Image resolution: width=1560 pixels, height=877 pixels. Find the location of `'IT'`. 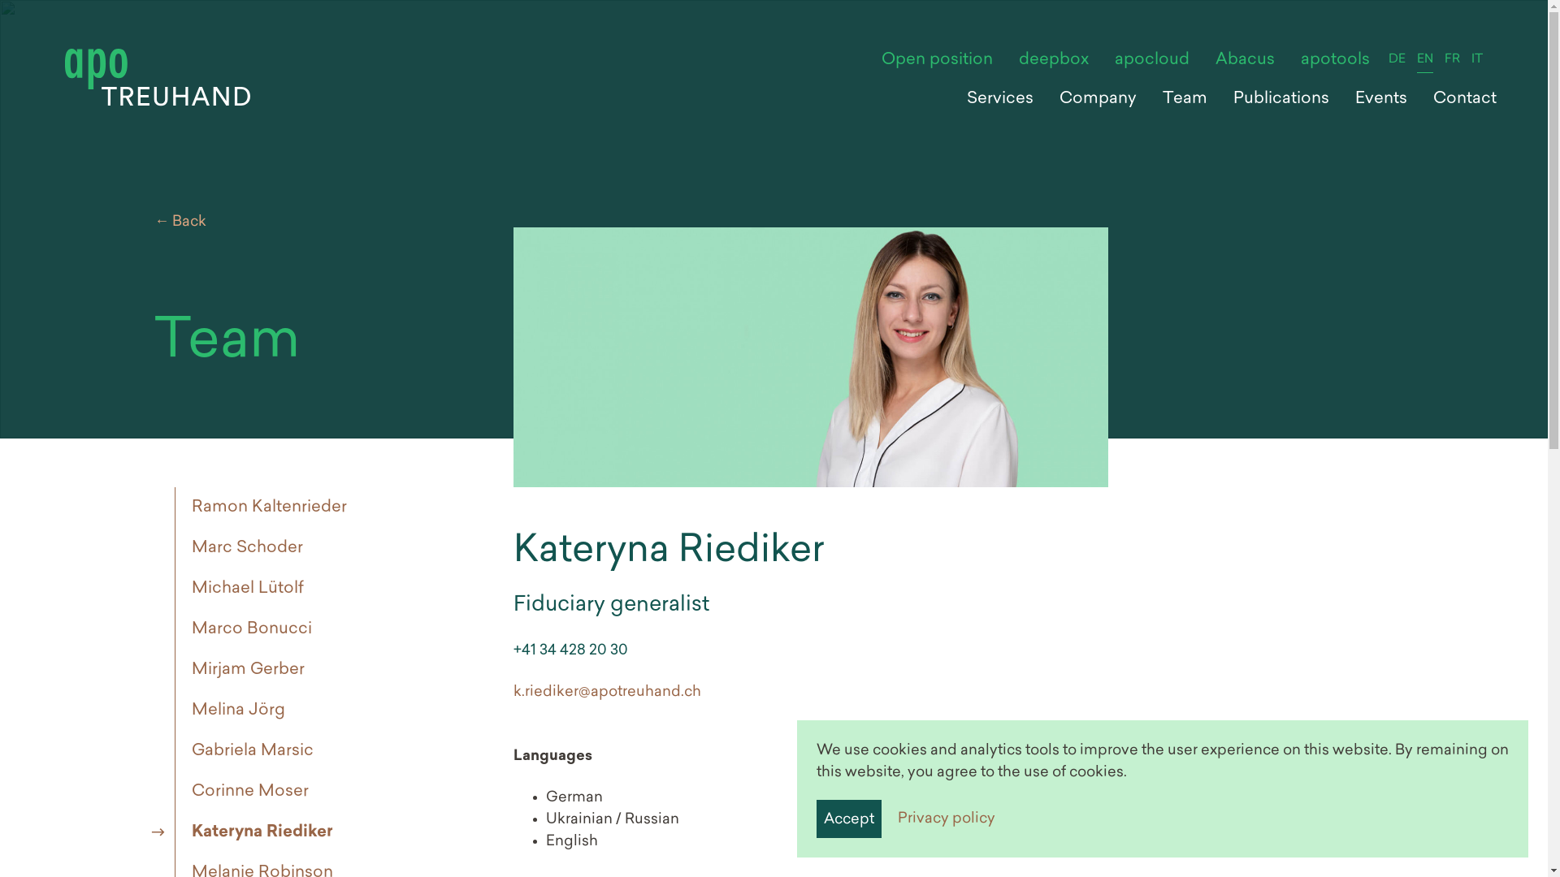

'IT' is located at coordinates (1477, 58).